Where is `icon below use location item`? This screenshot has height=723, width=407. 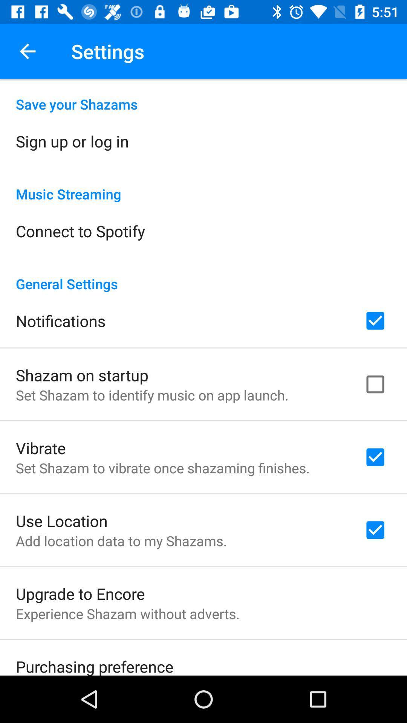
icon below use location item is located at coordinates (121, 540).